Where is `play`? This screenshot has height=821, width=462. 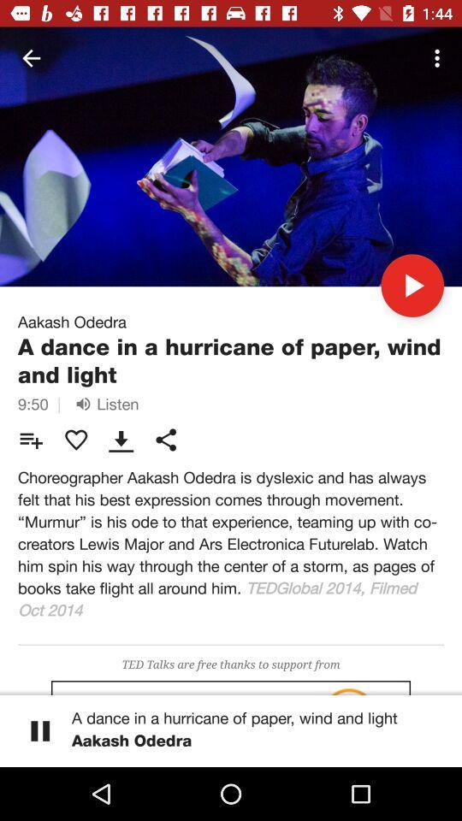 play is located at coordinates (412, 285).